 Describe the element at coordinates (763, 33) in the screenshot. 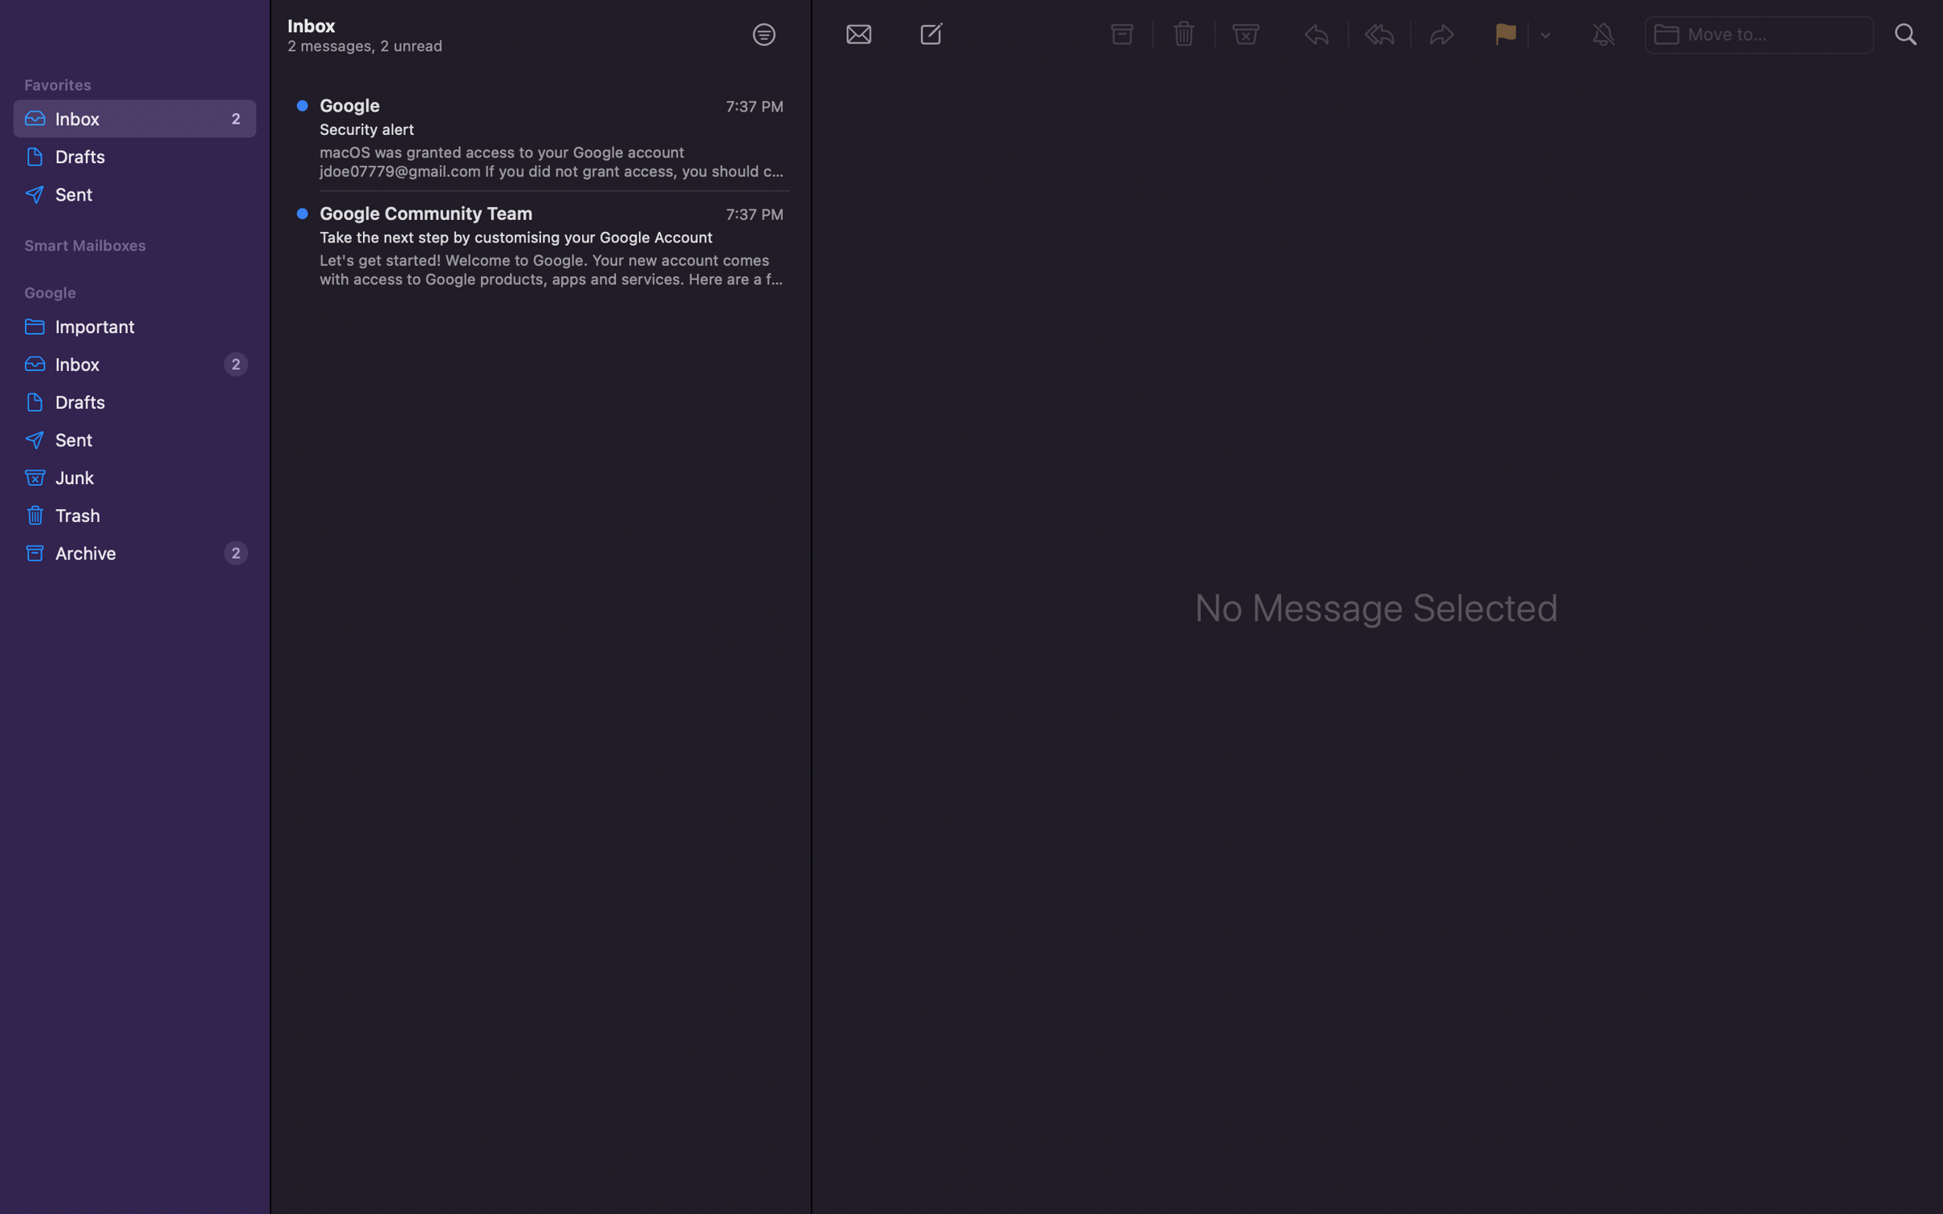

I see `Filter the unread messages` at that location.